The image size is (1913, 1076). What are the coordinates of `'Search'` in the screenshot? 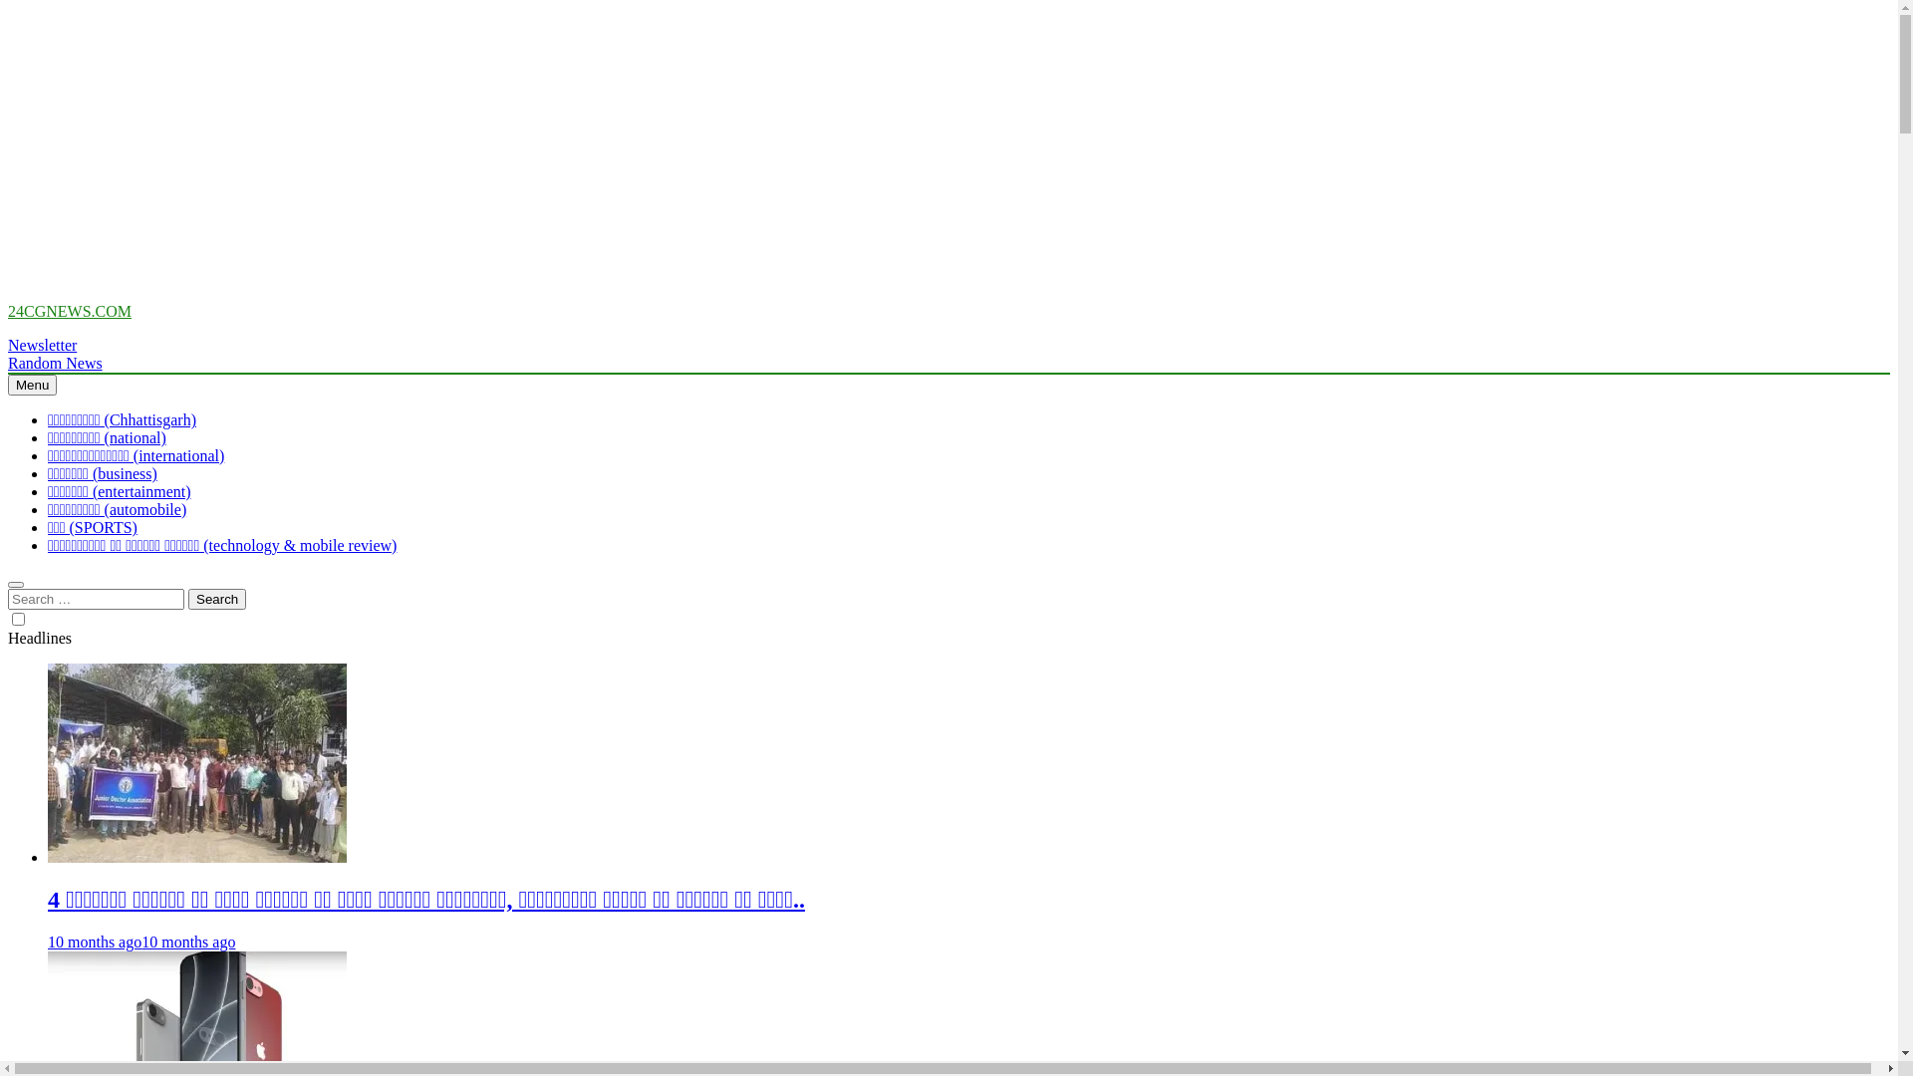 It's located at (216, 598).